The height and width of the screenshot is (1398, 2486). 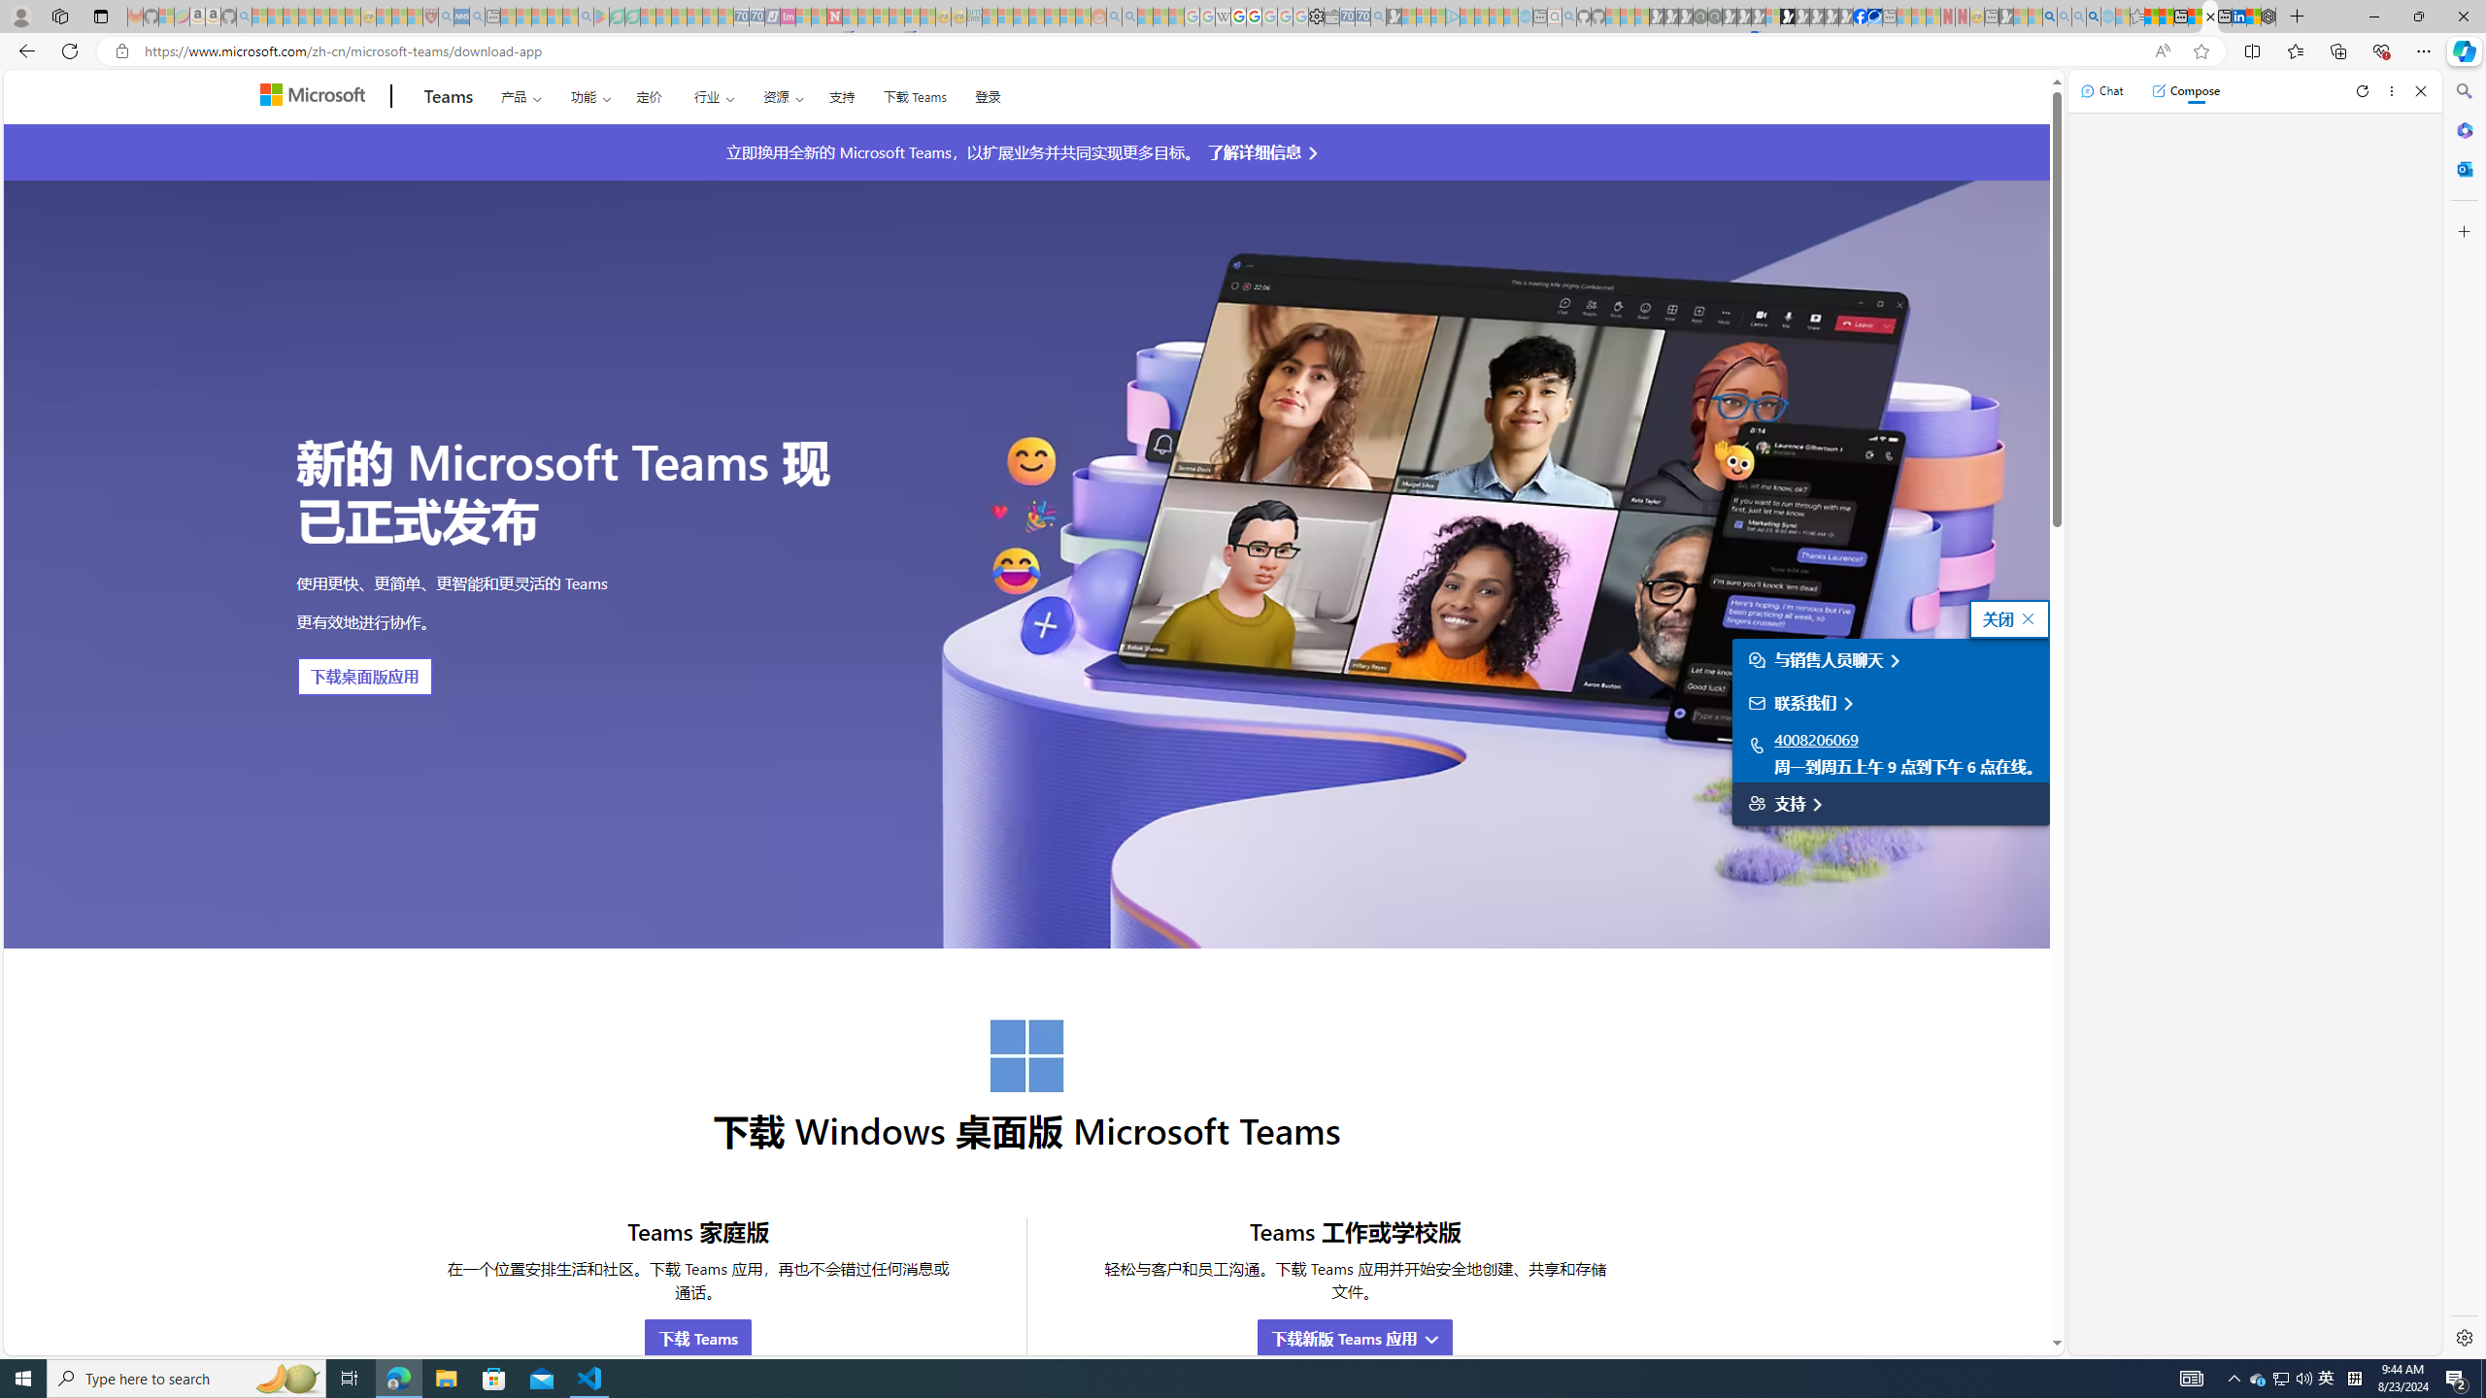 What do you see at coordinates (2166, 16) in the screenshot?
I see `'Aberdeen, Hong Kong SAR weather forecast | Microsoft Weather'` at bounding box center [2166, 16].